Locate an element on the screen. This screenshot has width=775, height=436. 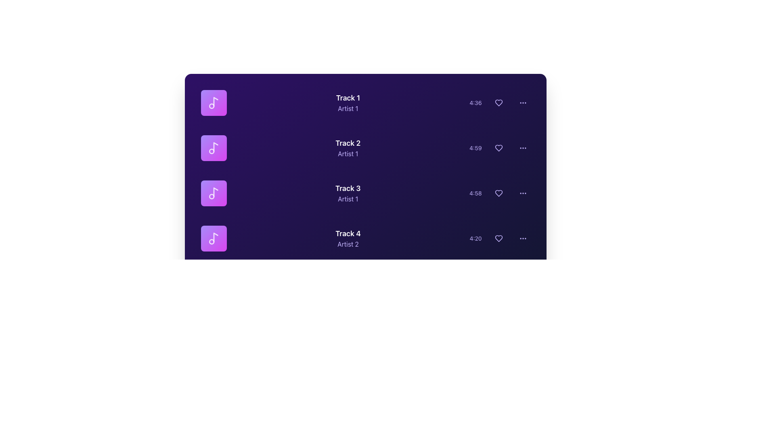
the square button with a gradient background from violet to fuchsia, featuring a white music note icon, located in the leftmost column of the track list, fourth from the top is located at coordinates (214, 238).